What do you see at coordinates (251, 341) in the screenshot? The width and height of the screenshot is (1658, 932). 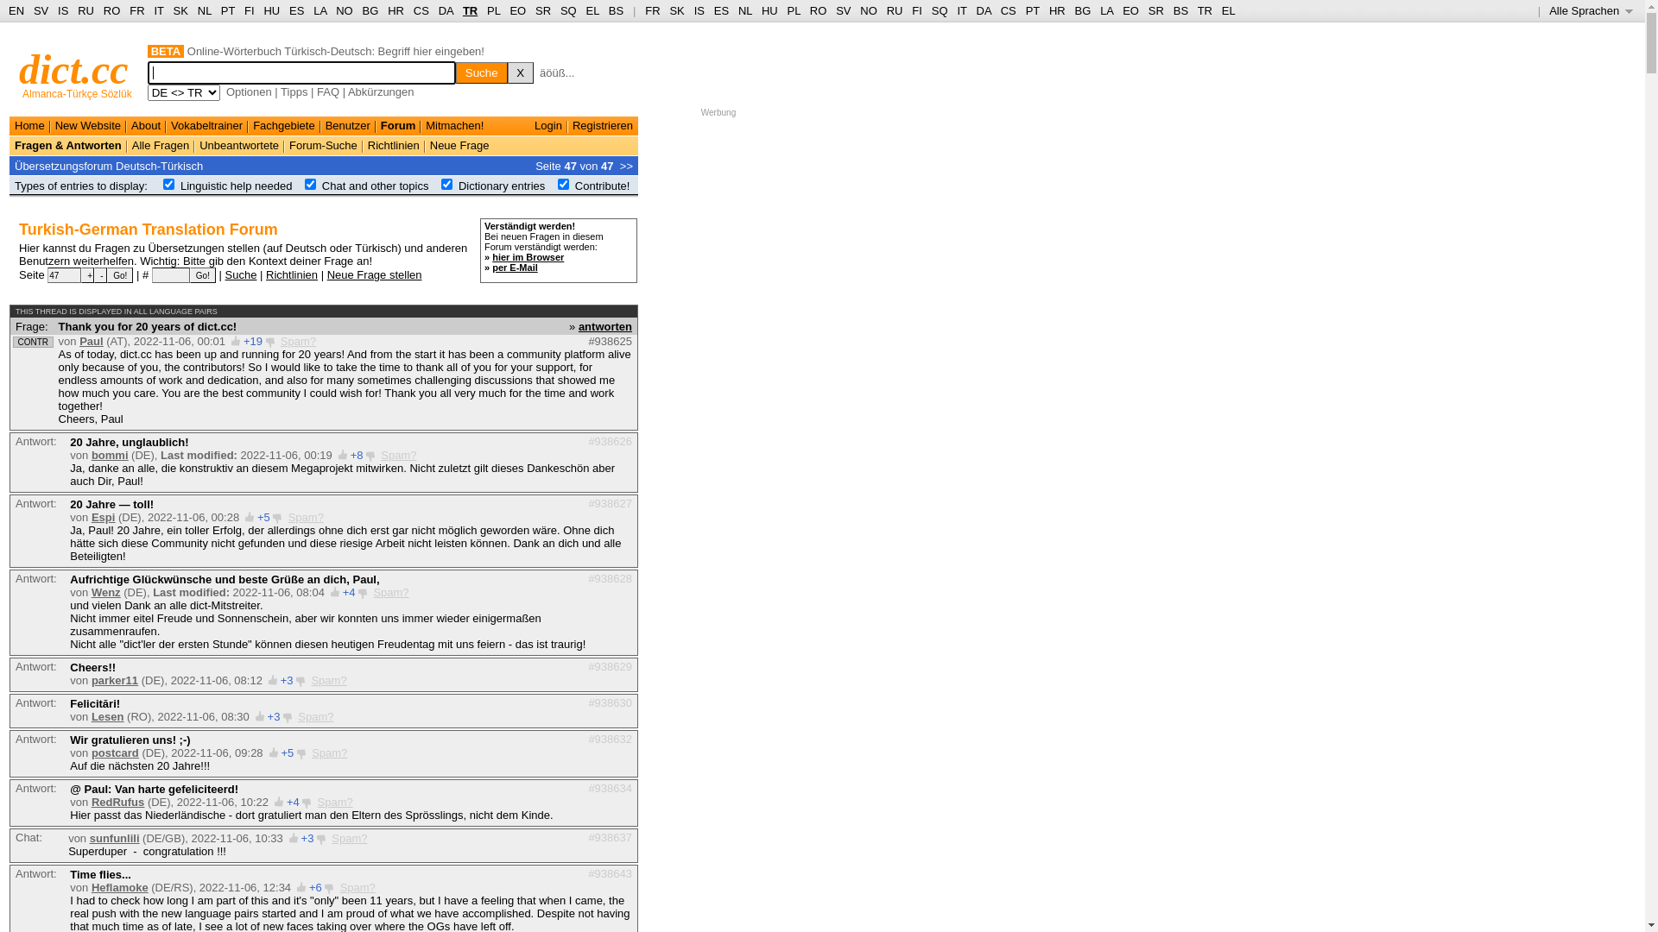 I see `'+19'` at bounding box center [251, 341].